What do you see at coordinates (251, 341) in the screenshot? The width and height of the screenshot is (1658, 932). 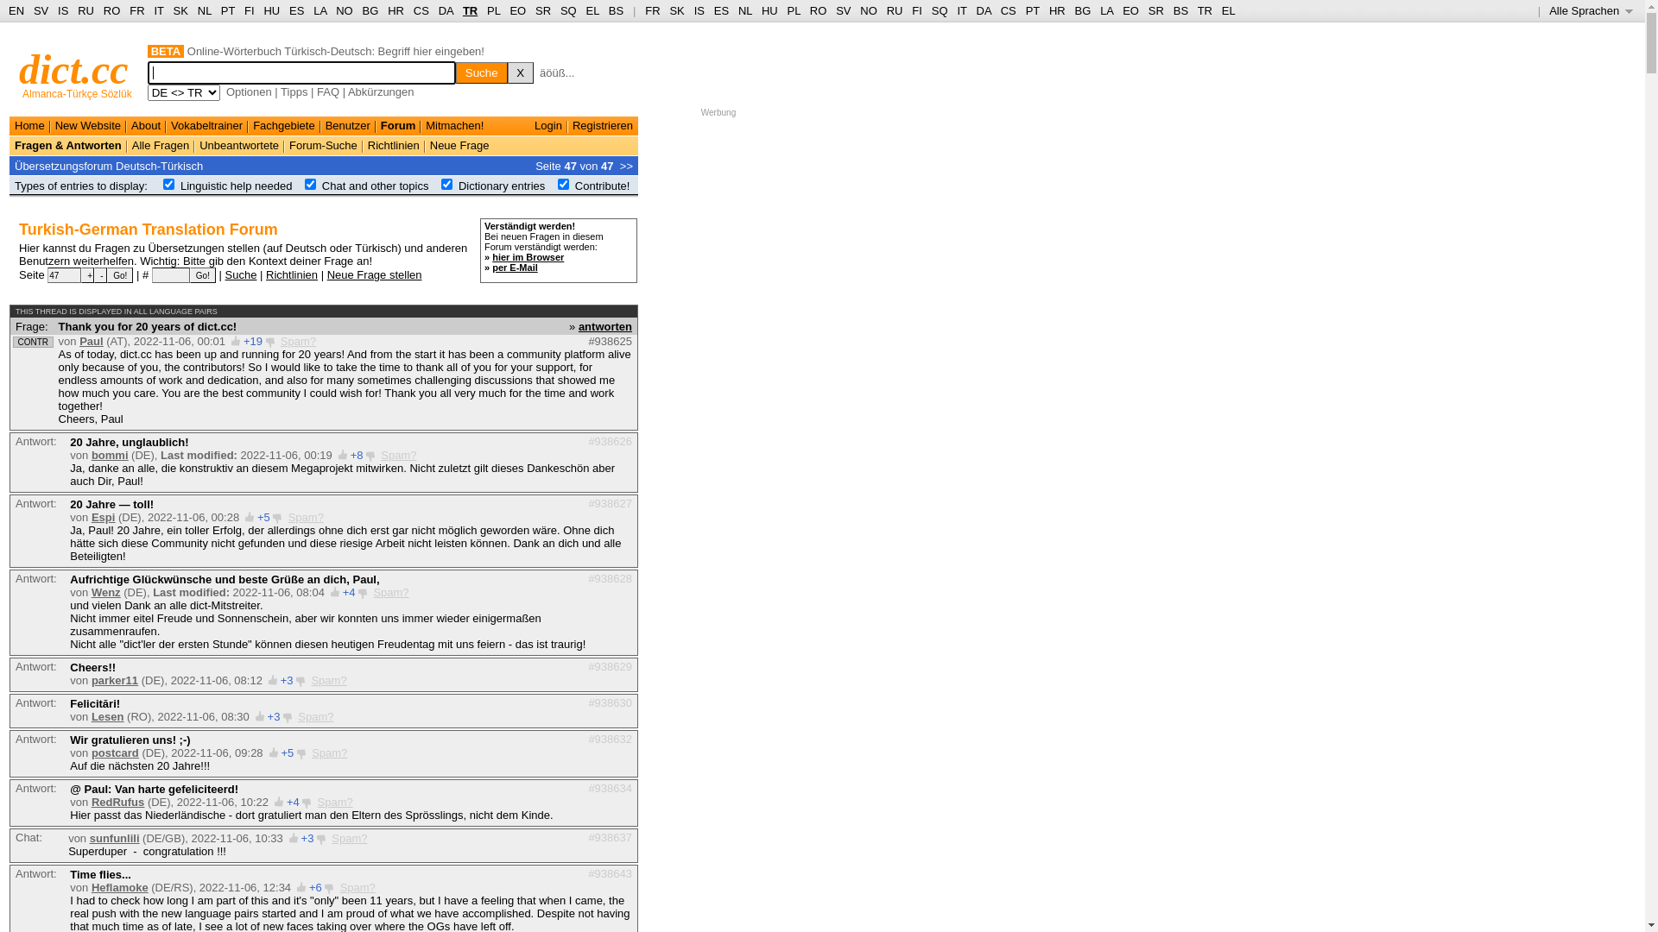 I see `'+19'` at bounding box center [251, 341].